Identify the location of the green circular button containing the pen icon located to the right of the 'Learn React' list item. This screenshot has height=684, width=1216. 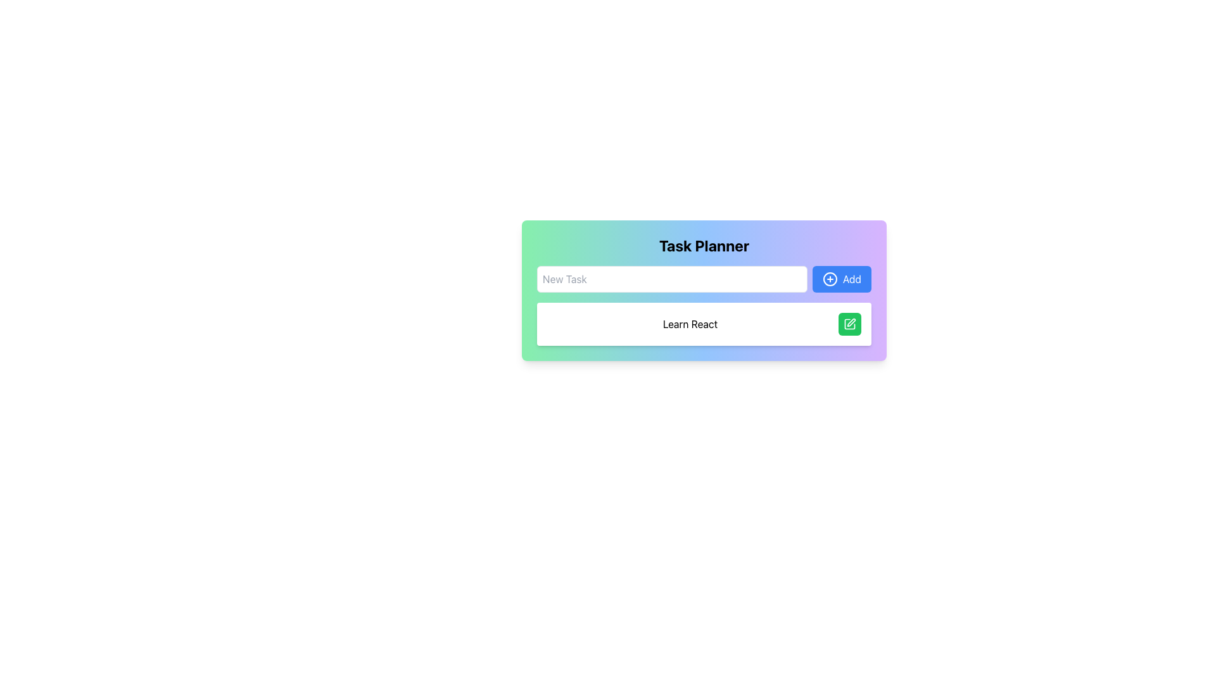
(850, 324).